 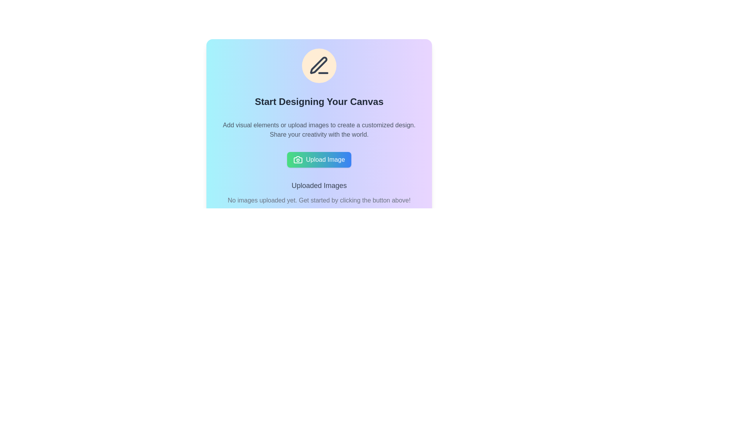 What do you see at coordinates (319, 129) in the screenshot?
I see `the two-line text that reads 'Add visual elements or upload images to create a customized design. Share your creativity with the world.' which is located below the title 'Start Designing Your Canvas' and above the 'Upload Image' button within the centered card component` at bounding box center [319, 129].